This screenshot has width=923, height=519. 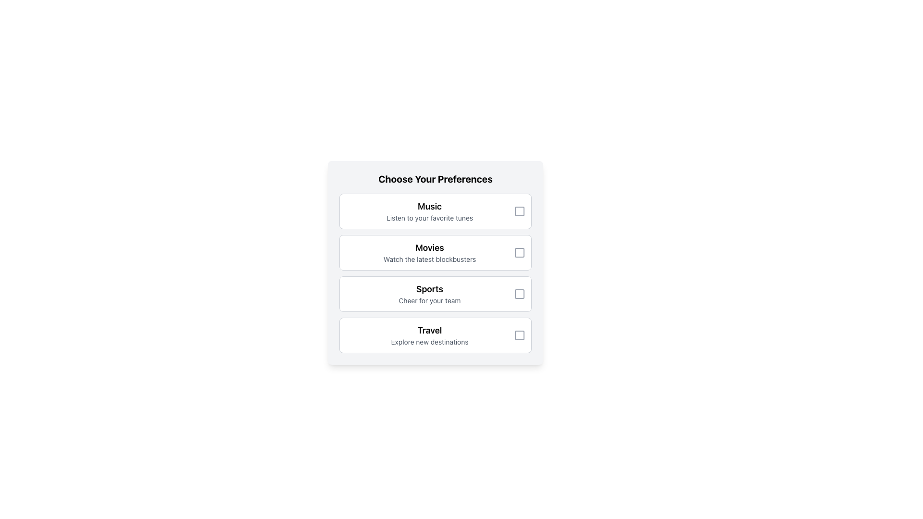 I want to click on the unselected checkbox next to the 'Music' label in the preferences selection form, so click(x=519, y=210).